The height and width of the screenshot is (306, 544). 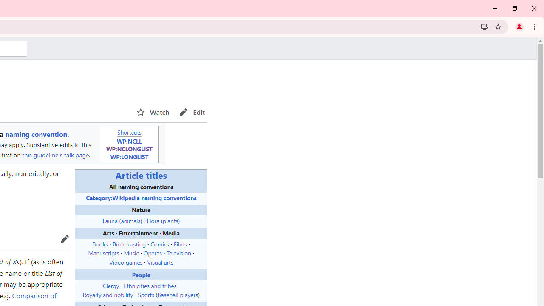 I want to click on 'People', so click(x=141, y=274).